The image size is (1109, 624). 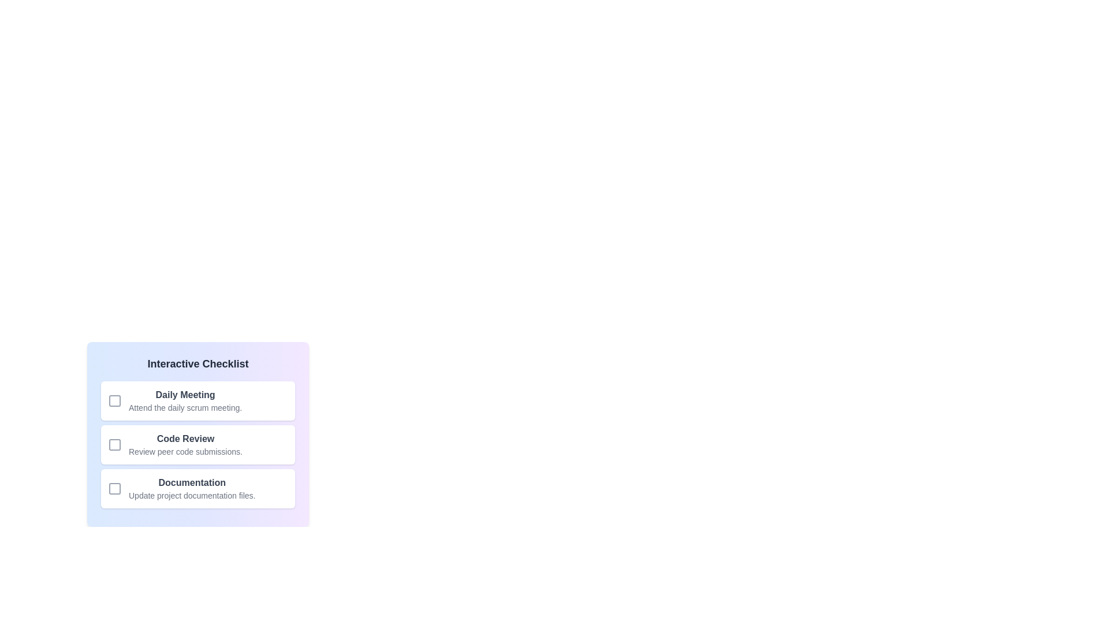 What do you see at coordinates (114, 400) in the screenshot?
I see `the checkbox for the 'Daily Meeting' task in the checklist` at bounding box center [114, 400].